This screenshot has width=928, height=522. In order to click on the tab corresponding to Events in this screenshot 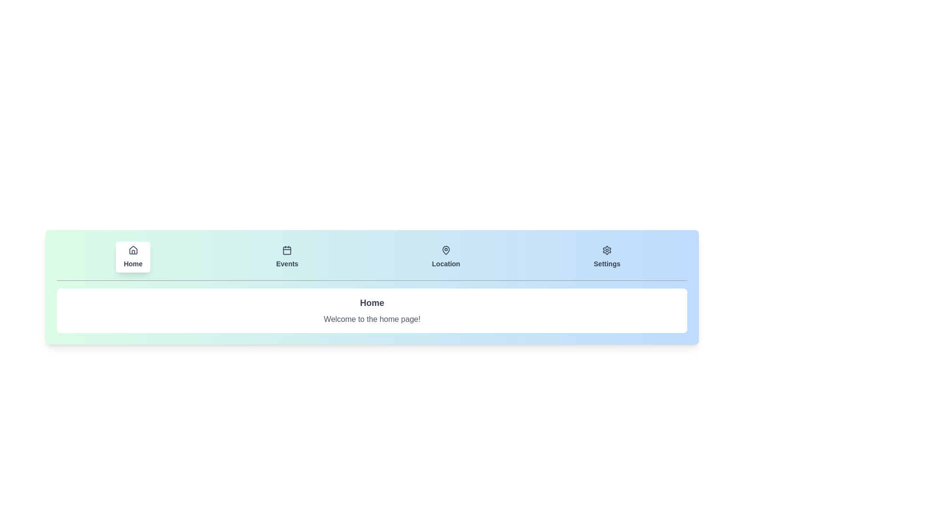, I will do `click(287, 257)`.